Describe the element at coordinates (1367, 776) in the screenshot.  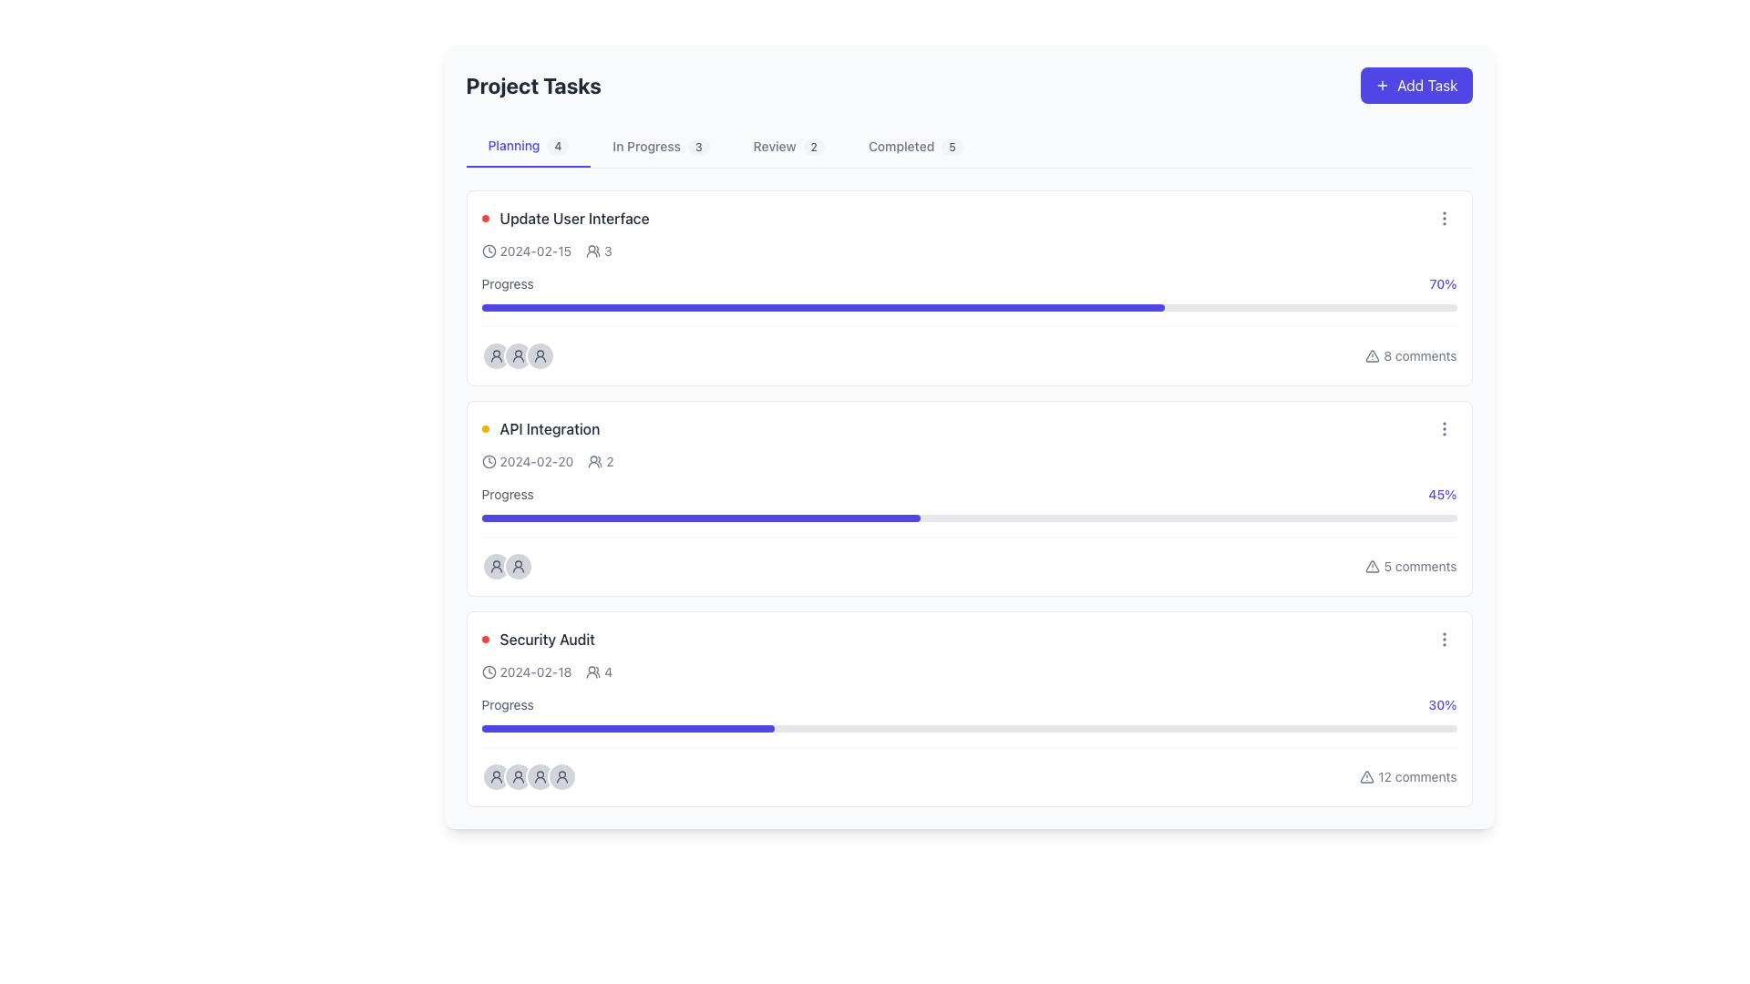
I see `the warning icon located at the bottom-right corner of the 'Security Audit' task item in the 'Project Tasks' interface, which signifies a warning or alert` at that location.